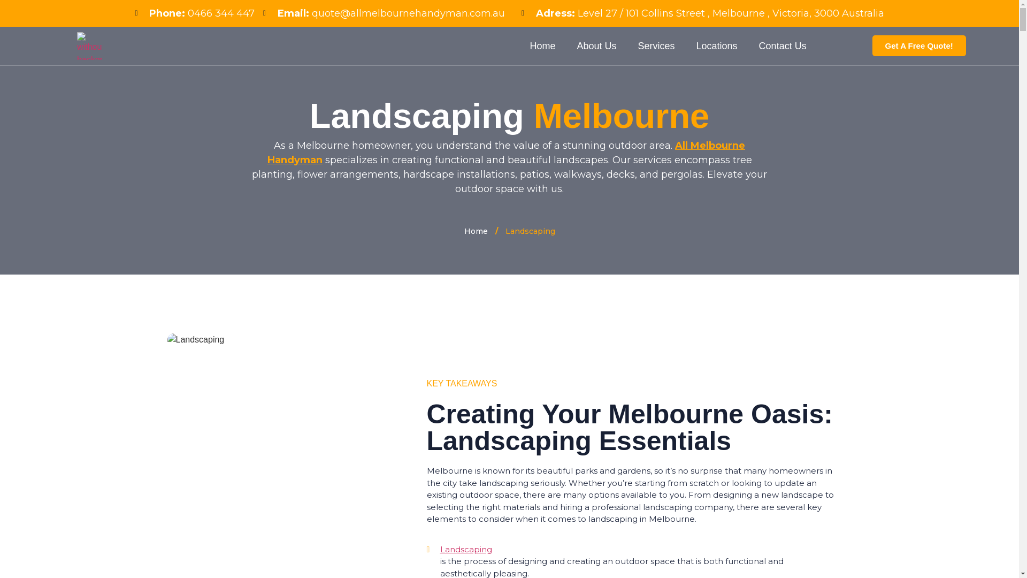 This screenshot has width=1027, height=578. I want to click on 'All Melbourne Handyman', so click(505, 153).